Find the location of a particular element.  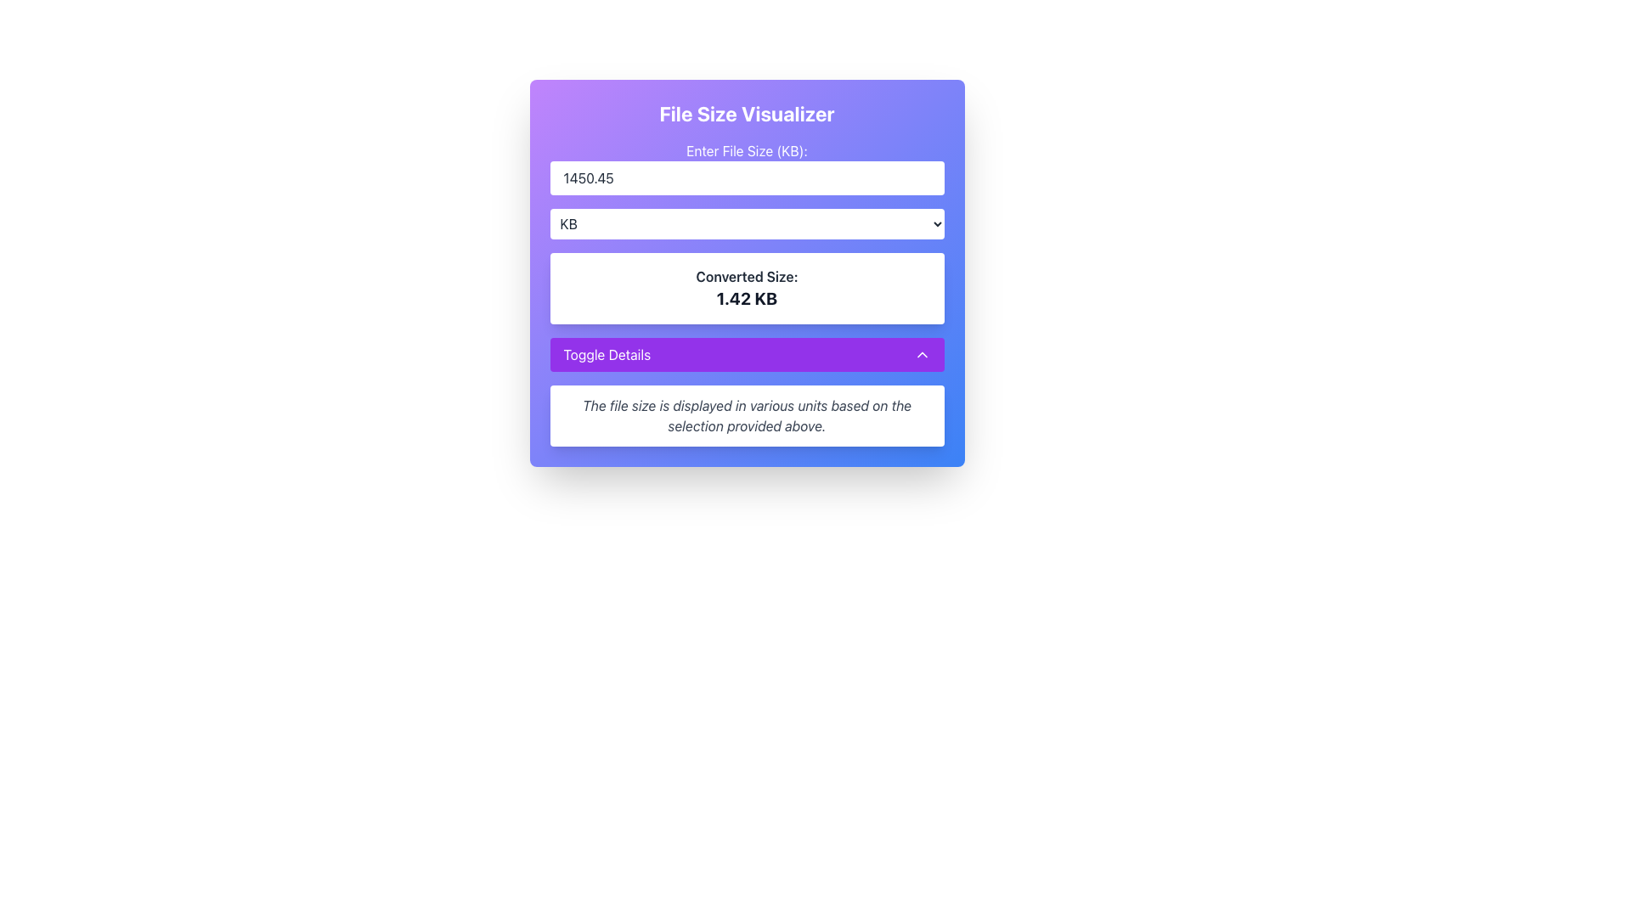

the upward-facing chevron icon located to the right of the 'Toggle Details' button is located at coordinates (921, 353).